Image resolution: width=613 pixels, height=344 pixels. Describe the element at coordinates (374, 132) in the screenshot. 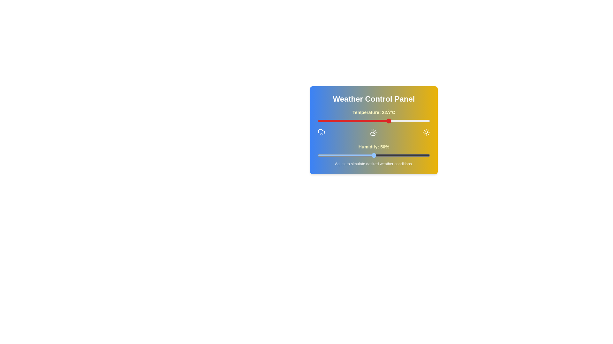

I see `the weather icon representing partly cloudy conditions, located at the center of the weather control panel interface, positioned between the temperature and humidity sliders` at that location.